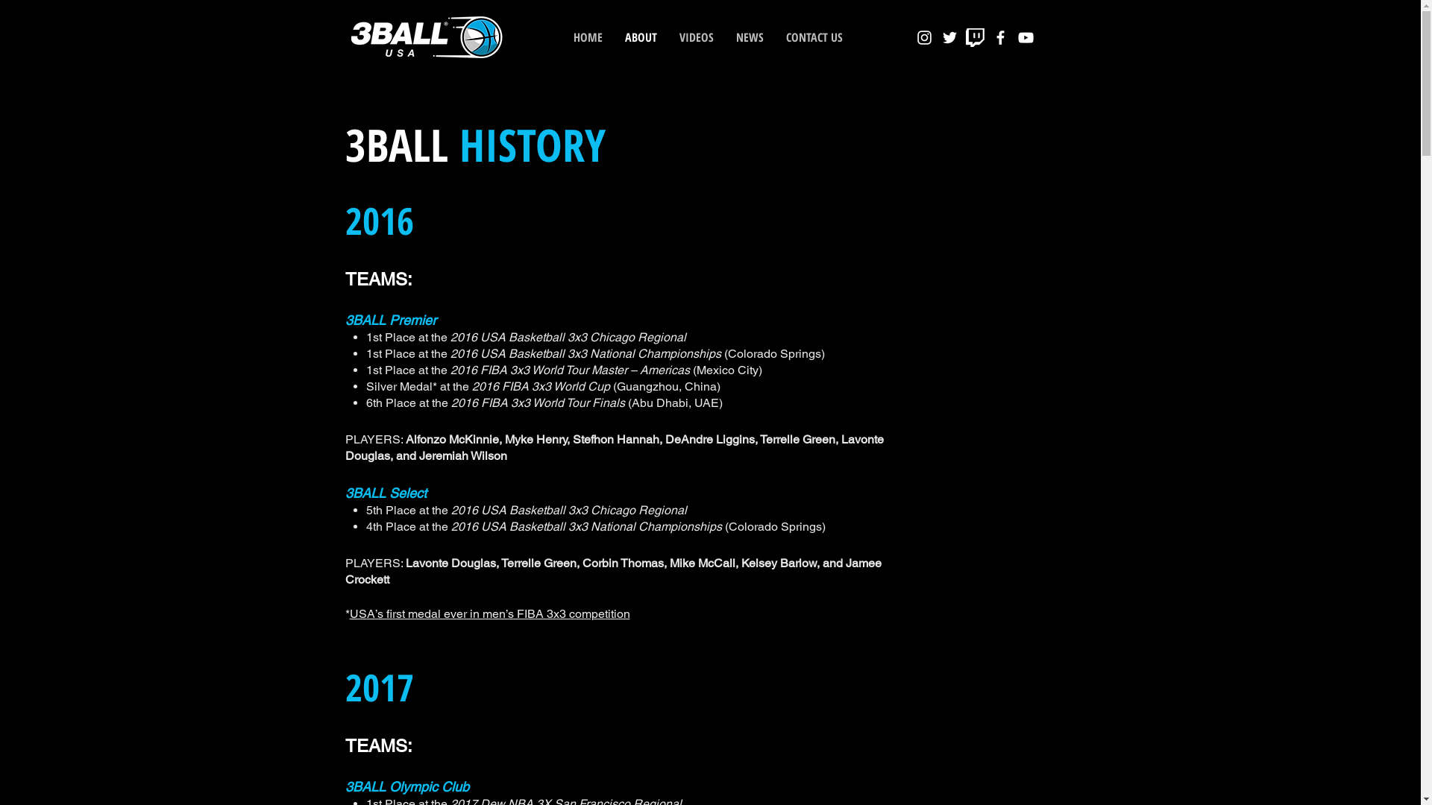  Describe the element at coordinates (812, 37) in the screenshot. I see `'CONTACT US'` at that location.